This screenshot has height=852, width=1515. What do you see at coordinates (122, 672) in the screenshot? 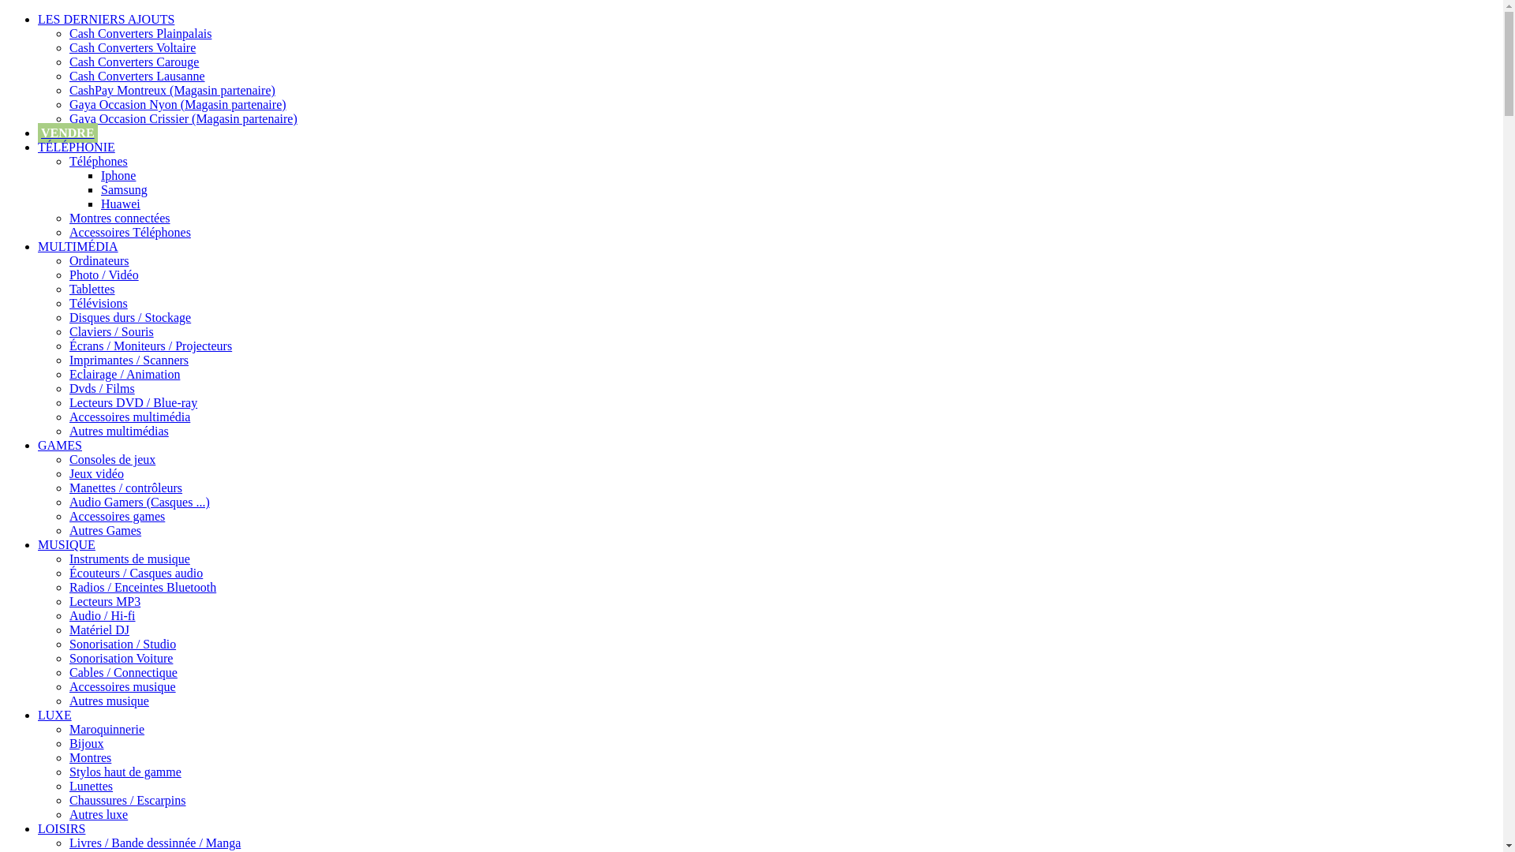
I see `'Cables / Connectique'` at bounding box center [122, 672].